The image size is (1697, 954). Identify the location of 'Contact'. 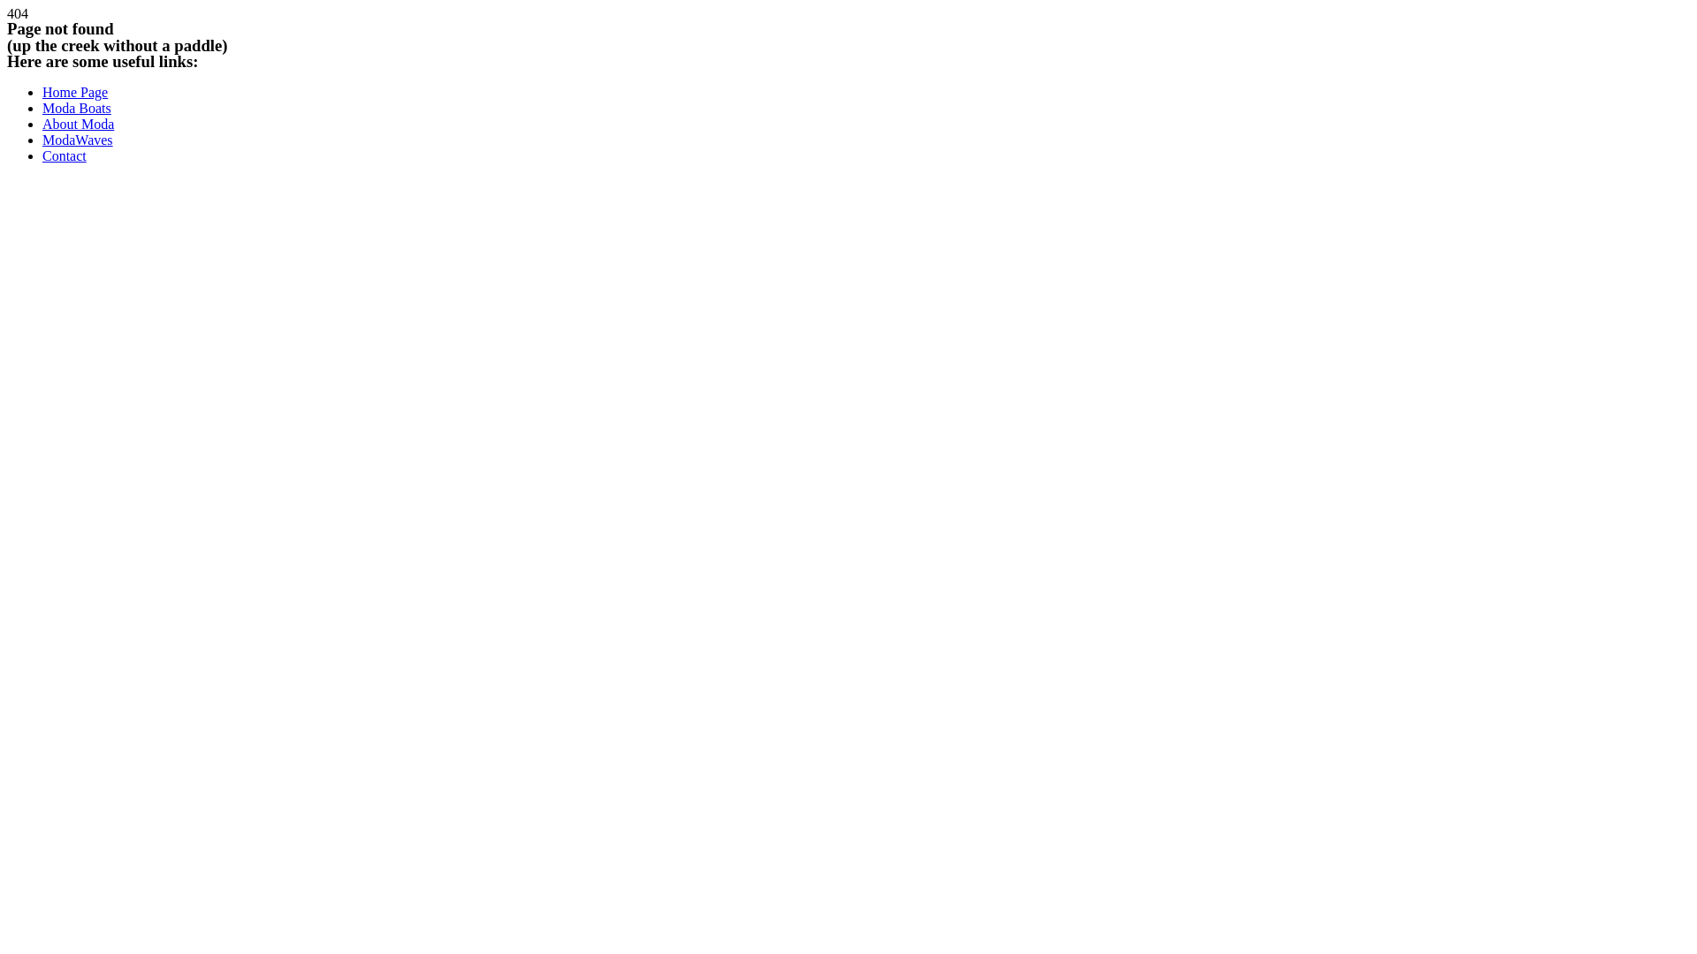
(42, 155).